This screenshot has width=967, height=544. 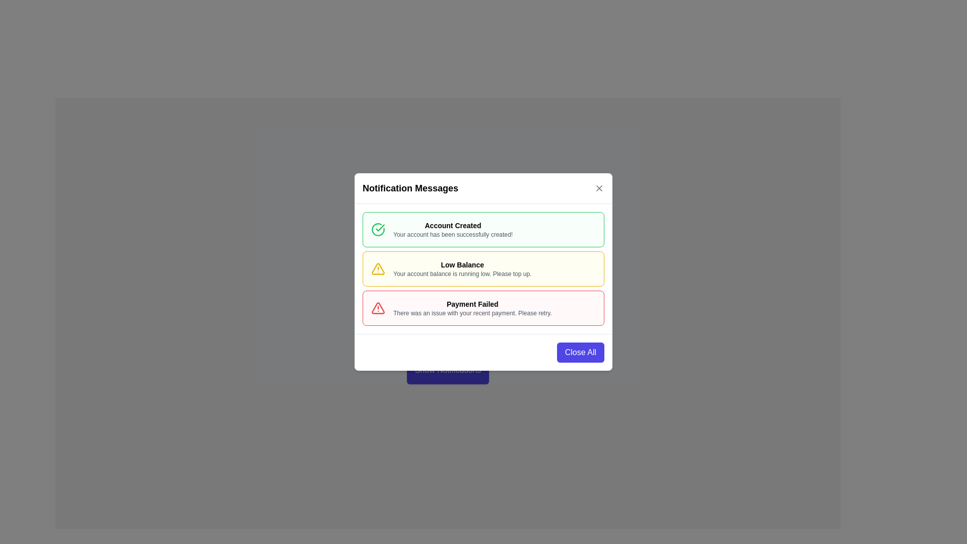 What do you see at coordinates (377, 308) in the screenshot?
I see `the 'Payment Failed' notification icon, which serves as a visual indicator for the issue` at bounding box center [377, 308].